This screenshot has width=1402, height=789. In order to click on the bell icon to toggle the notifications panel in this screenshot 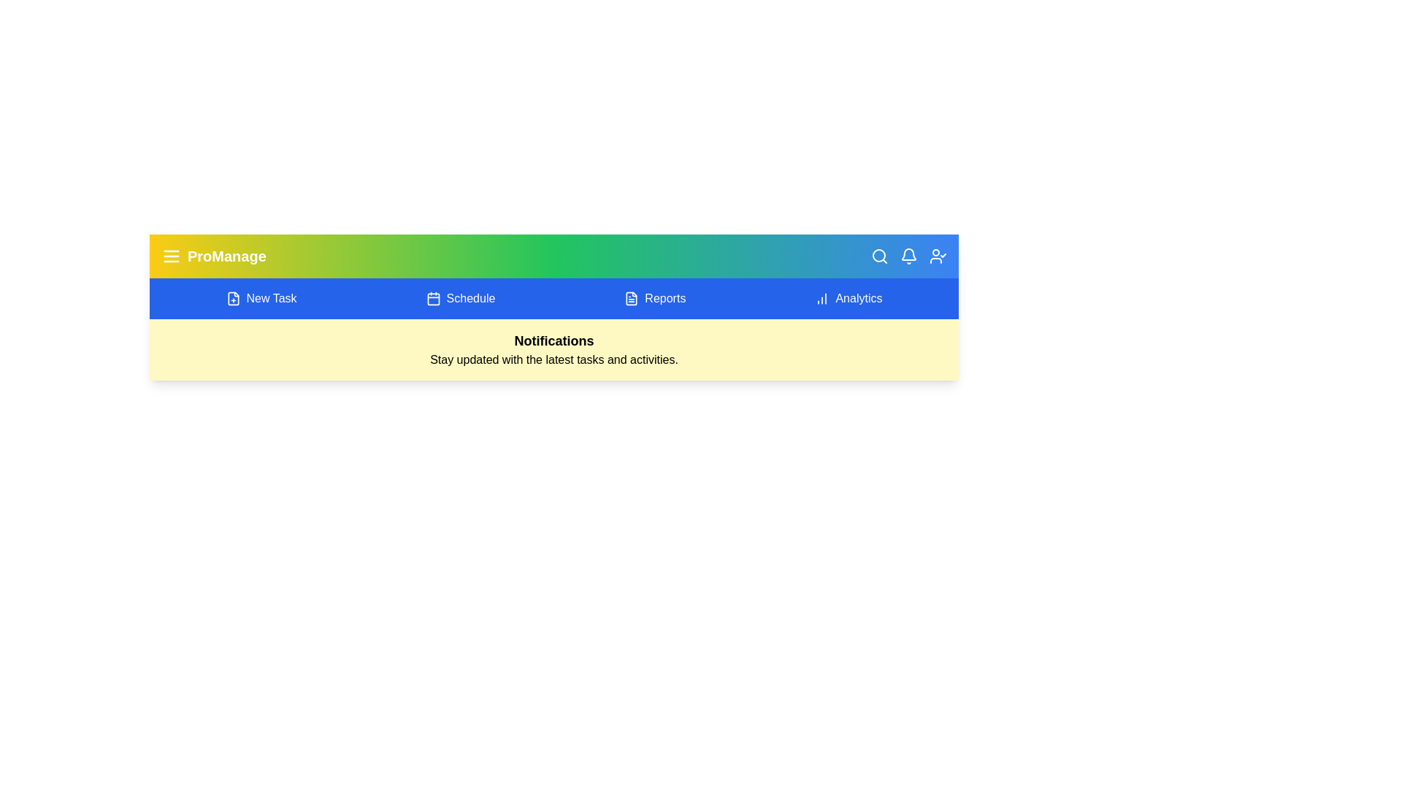, I will do `click(908, 256)`.